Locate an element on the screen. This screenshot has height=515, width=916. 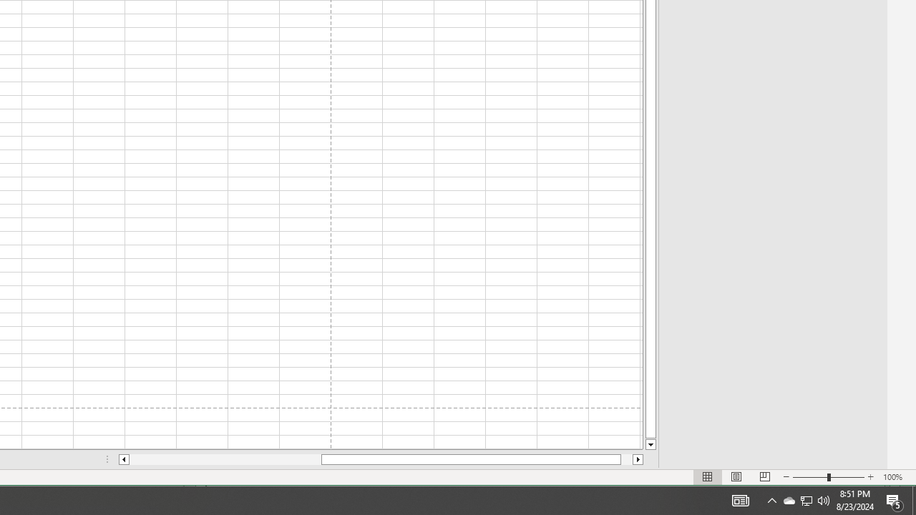
'Action Center, 5 new notifications' is located at coordinates (895, 499).